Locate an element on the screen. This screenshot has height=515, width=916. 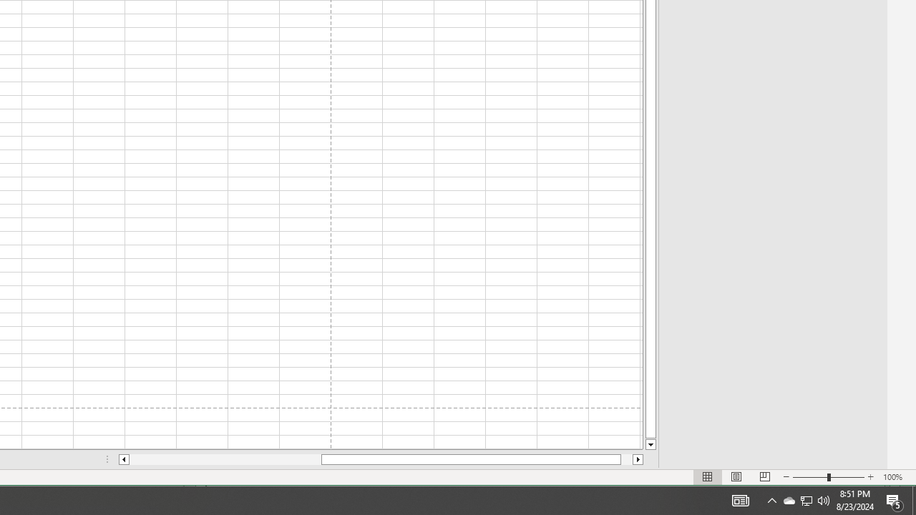
'Action Center, 5 new notifications' is located at coordinates (895, 499).